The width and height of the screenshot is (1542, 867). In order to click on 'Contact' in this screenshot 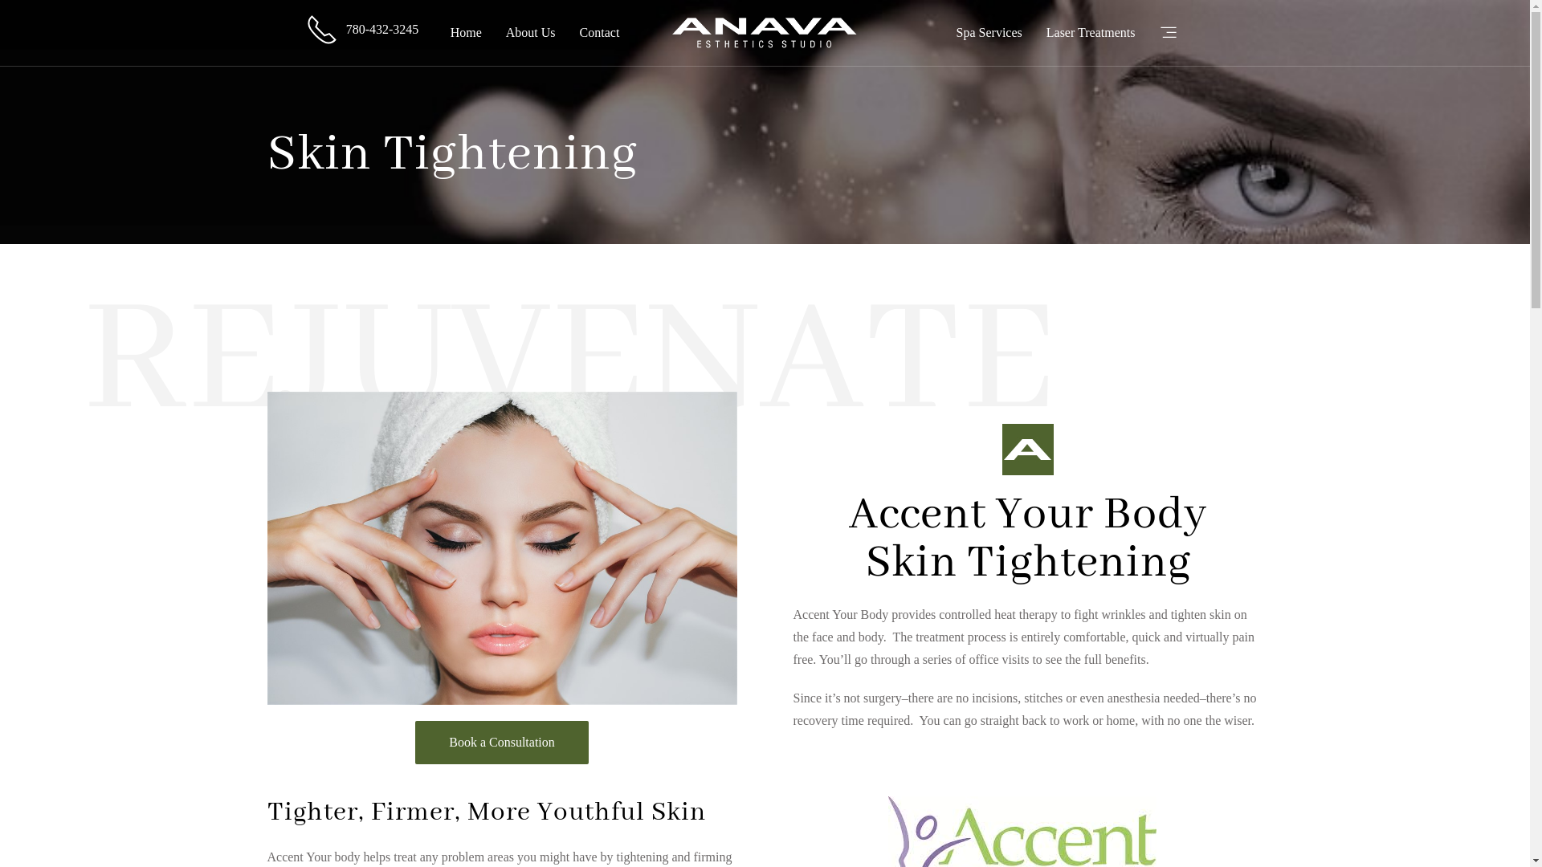, I will do `click(599, 33)`.